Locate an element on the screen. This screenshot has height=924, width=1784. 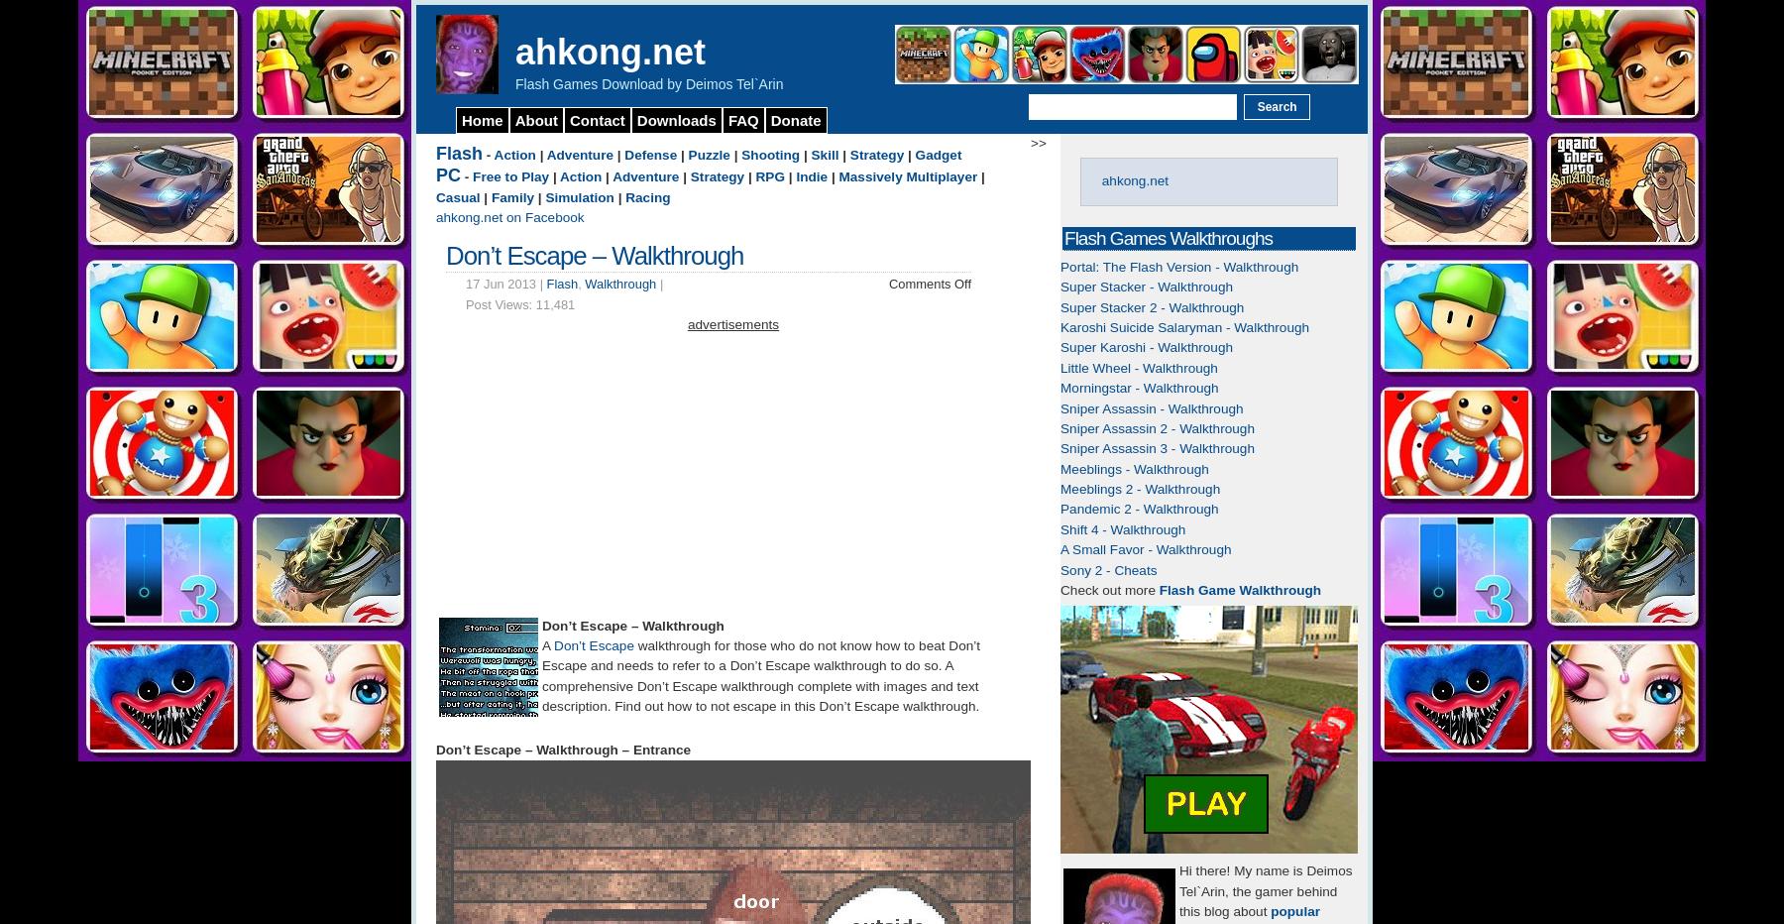
'17 Jun 2013 |' is located at coordinates (464, 283).